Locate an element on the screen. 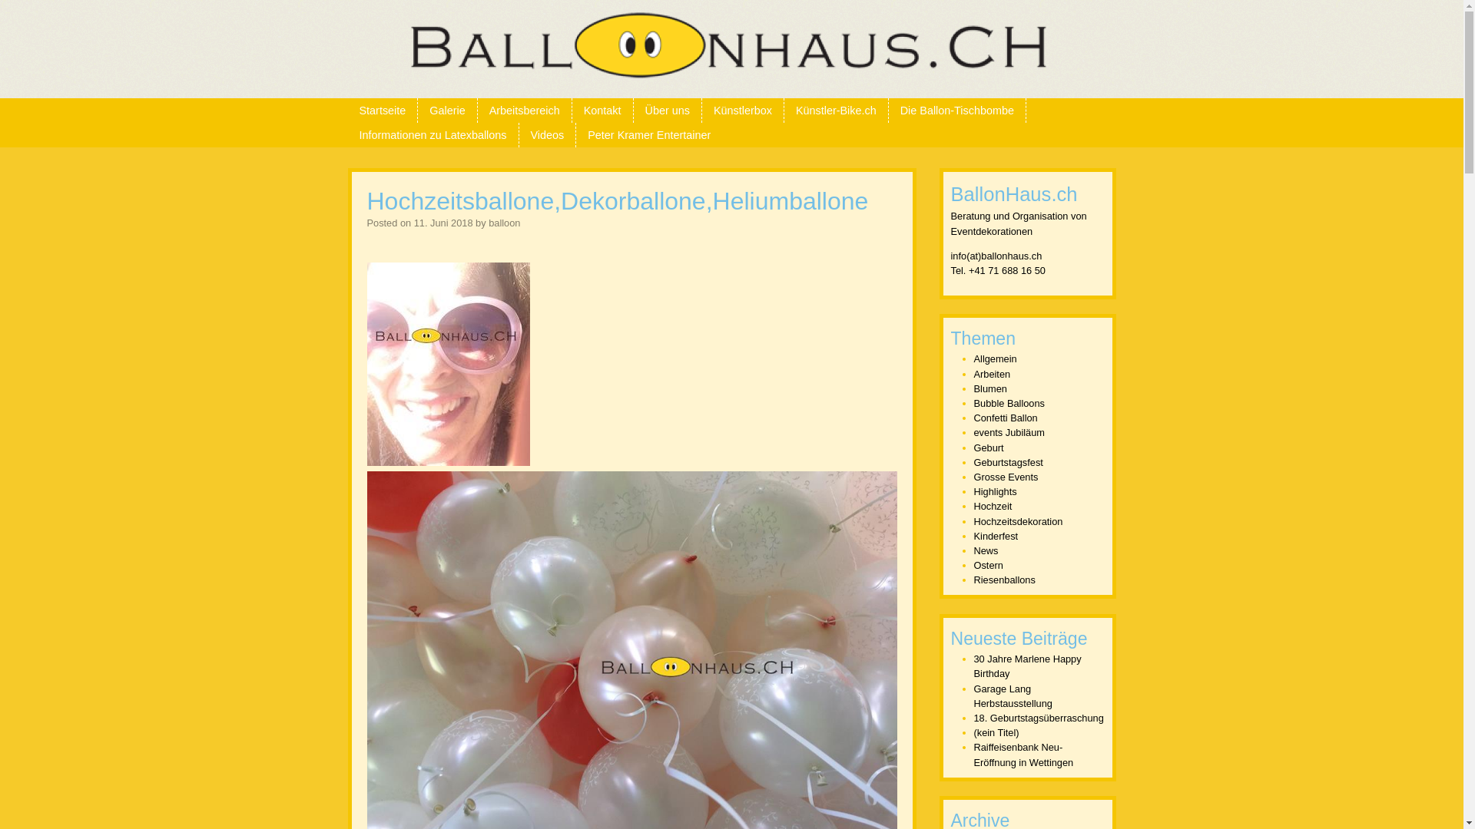 This screenshot has height=829, width=1475. 'Garage Lang Herbstausstellung' is located at coordinates (1013, 695).